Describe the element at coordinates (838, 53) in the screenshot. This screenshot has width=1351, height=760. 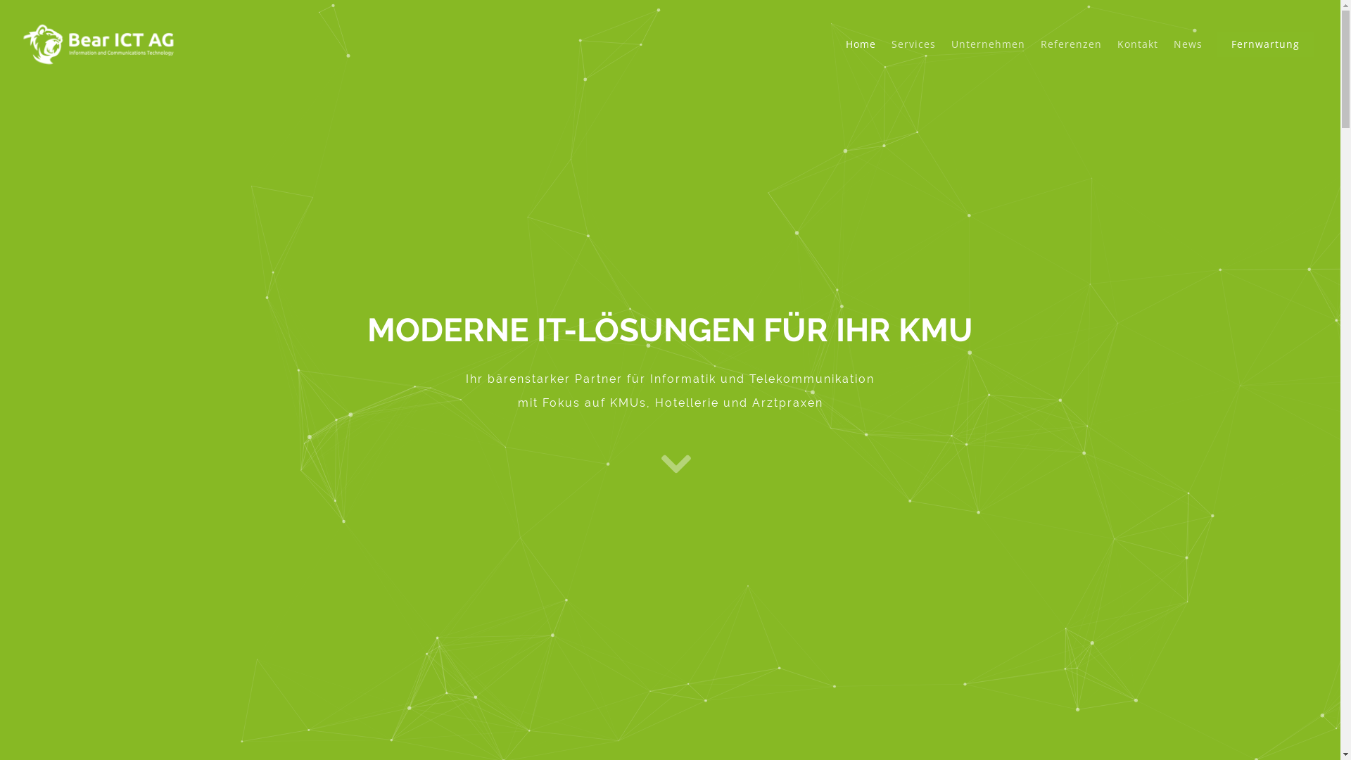
I see `'Home'` at that location.